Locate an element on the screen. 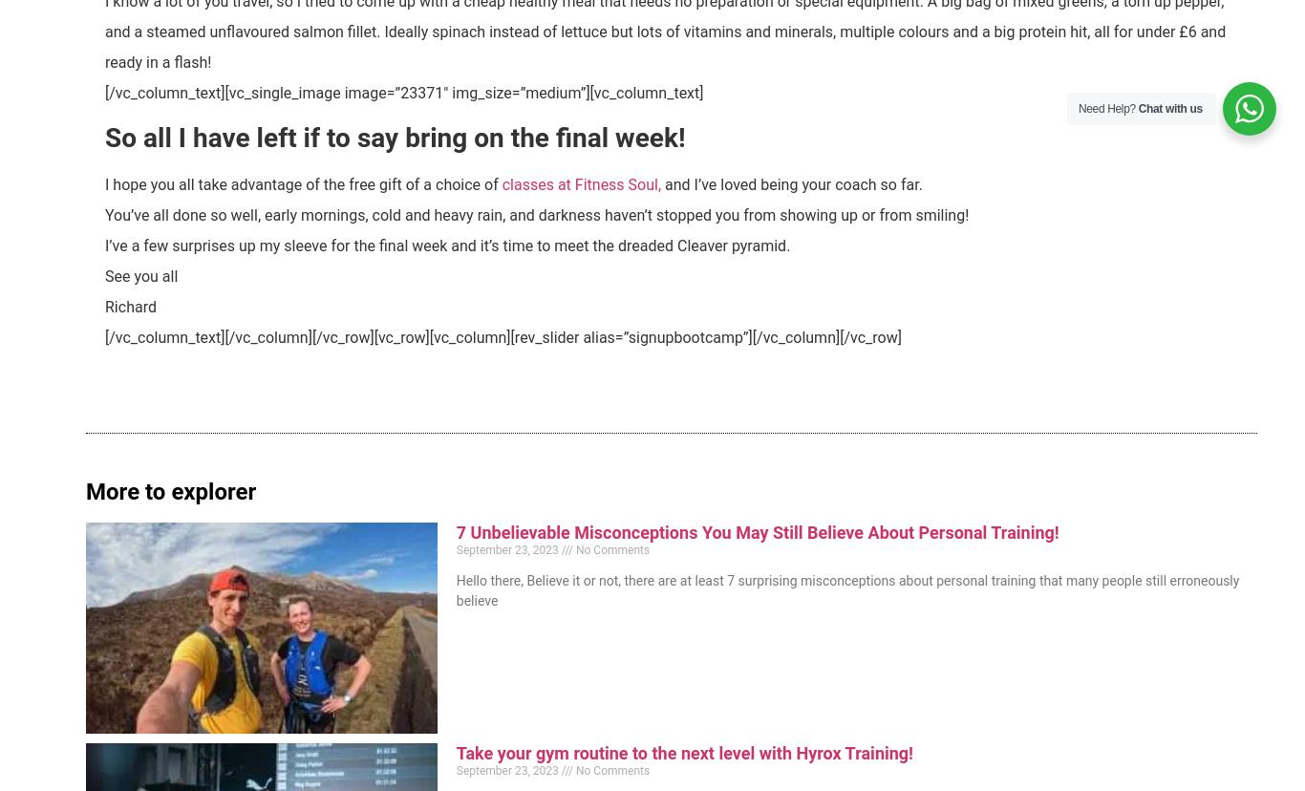 This screenshot has width=1305, height=791. 'You’ve all done so well, early mornings, cold and heavy rain, and darkness haven’t stopped you from showing up or from smiling!' is located at coordinates (536, 214).